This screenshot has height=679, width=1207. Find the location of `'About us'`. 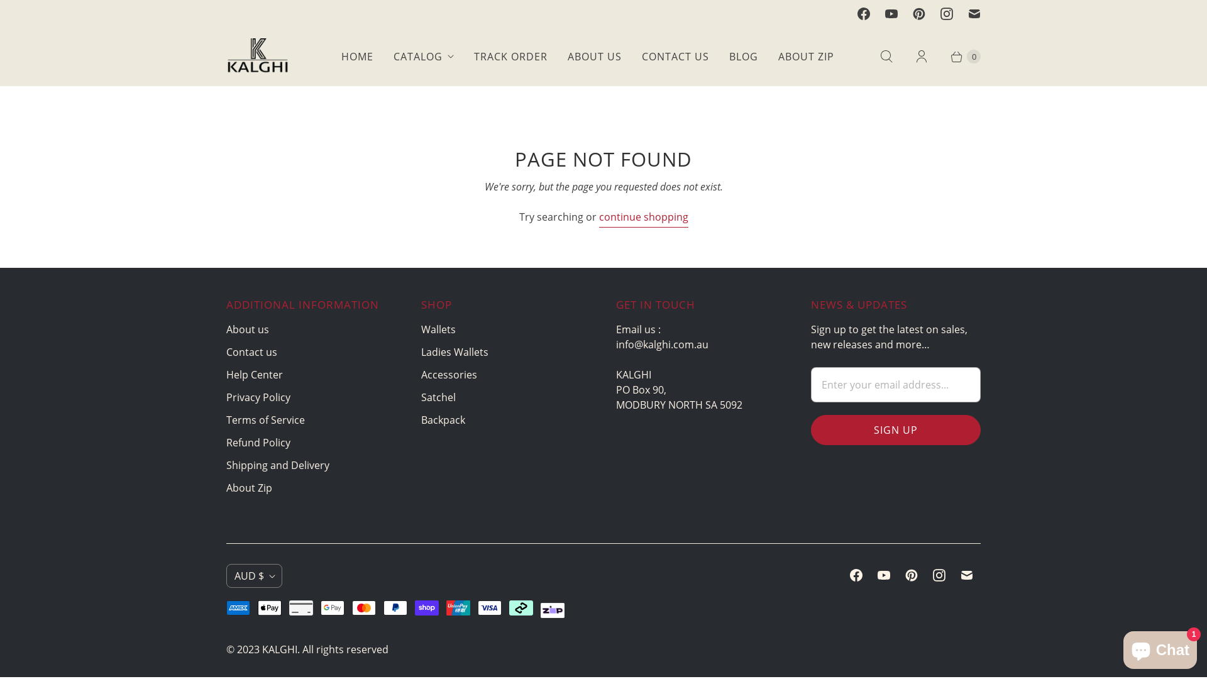

'About us' is located at coordinates (247, 329).